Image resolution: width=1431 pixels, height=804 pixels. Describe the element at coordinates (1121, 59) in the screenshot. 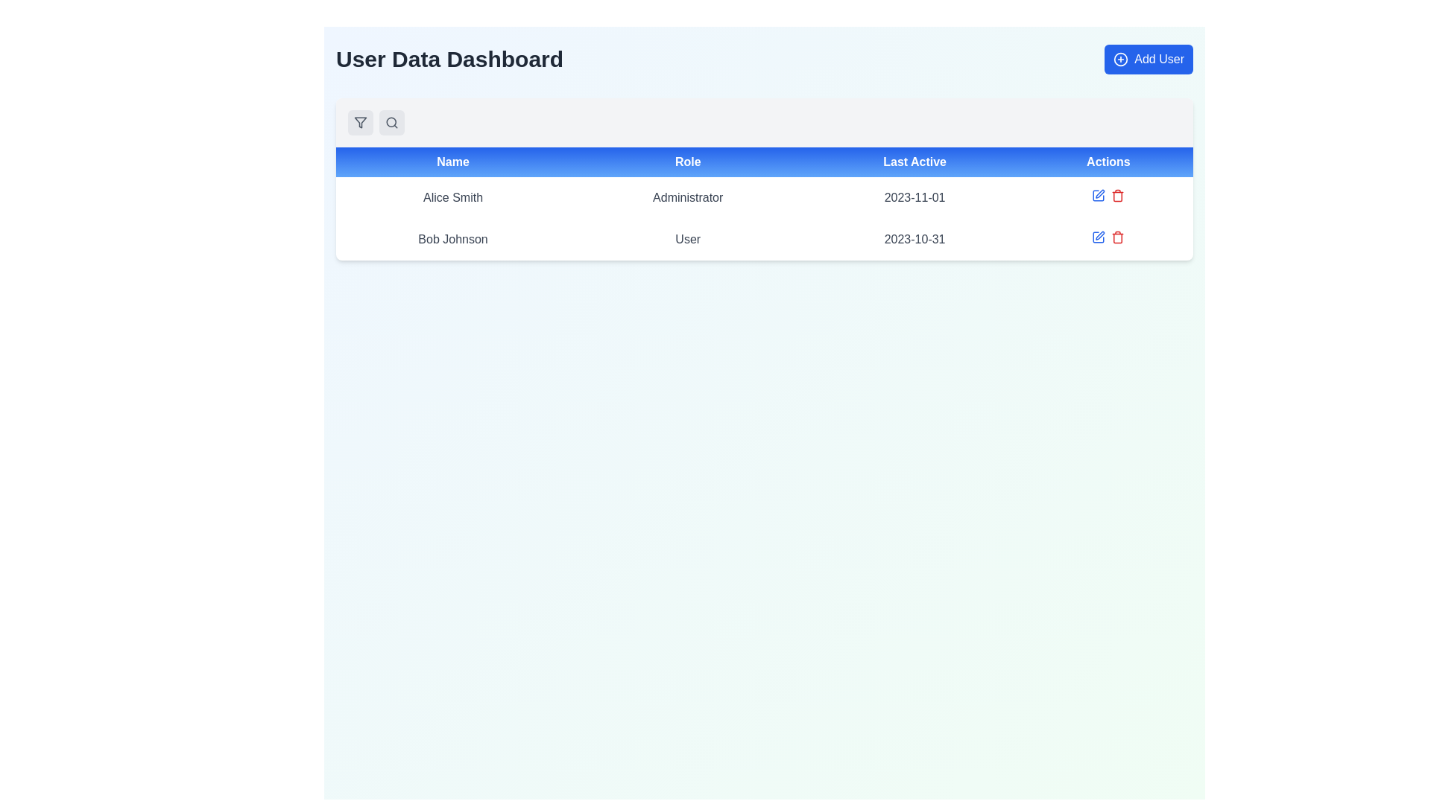

I see `the graphical SVG circle element` at that location.